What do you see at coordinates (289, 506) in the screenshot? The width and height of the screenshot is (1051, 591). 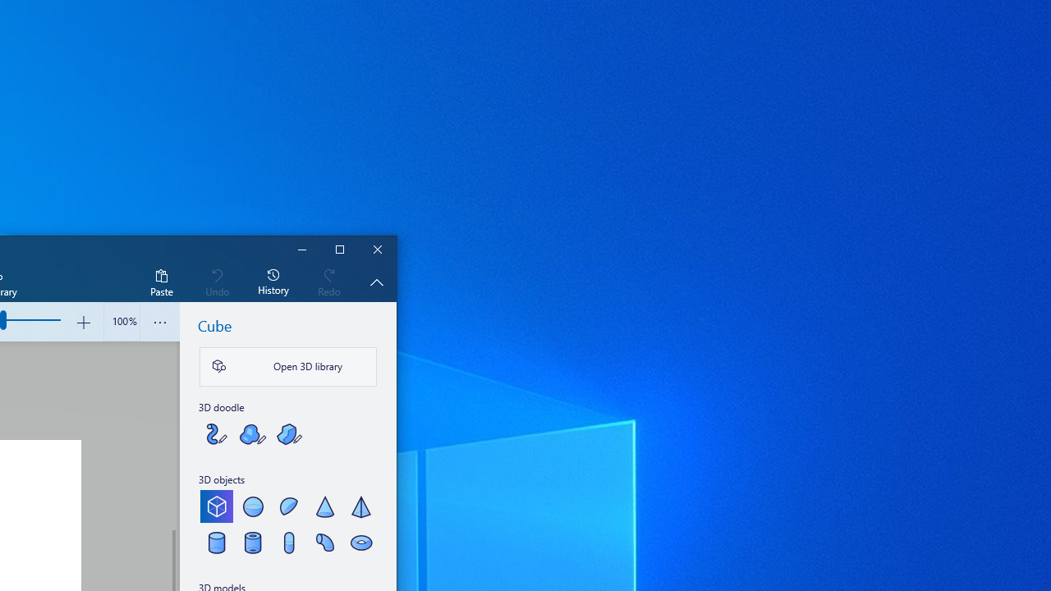 I see `'Hemisphere'` at bounding box center [289, 506].